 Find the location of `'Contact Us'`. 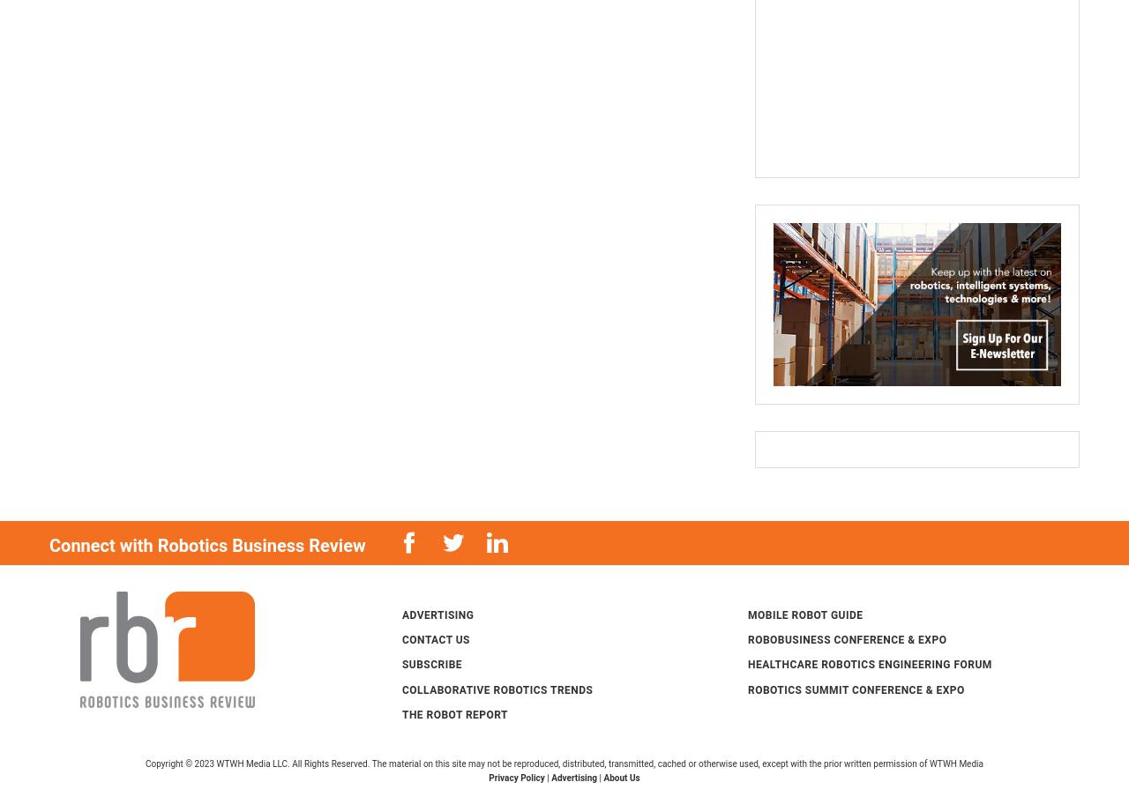

'Contact Us' is located at coordinates (435, 640).